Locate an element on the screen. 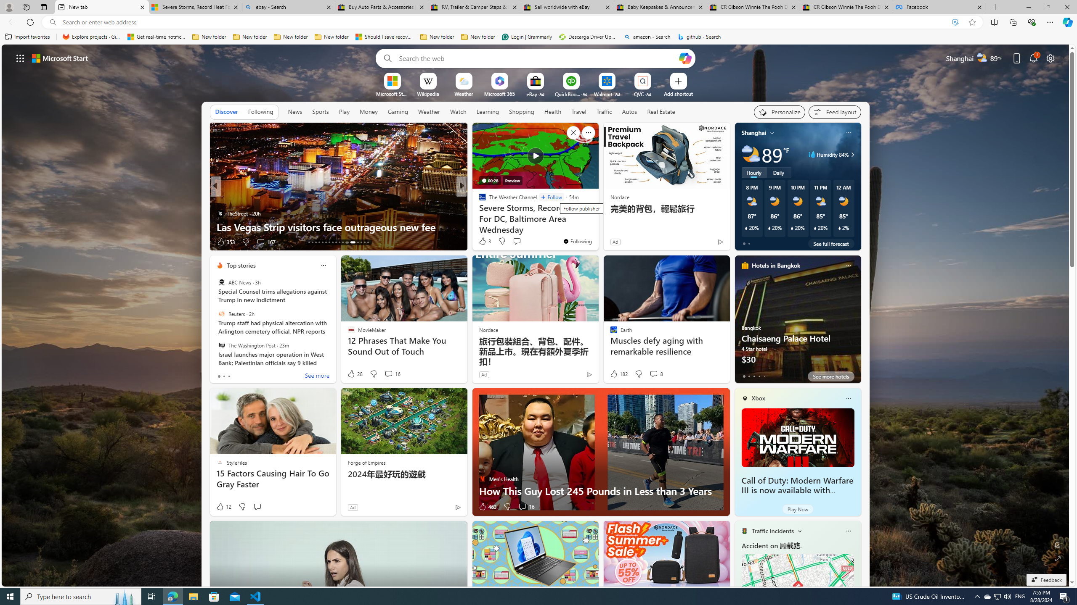  'TheStreet' is located at coordinates (219, 213).